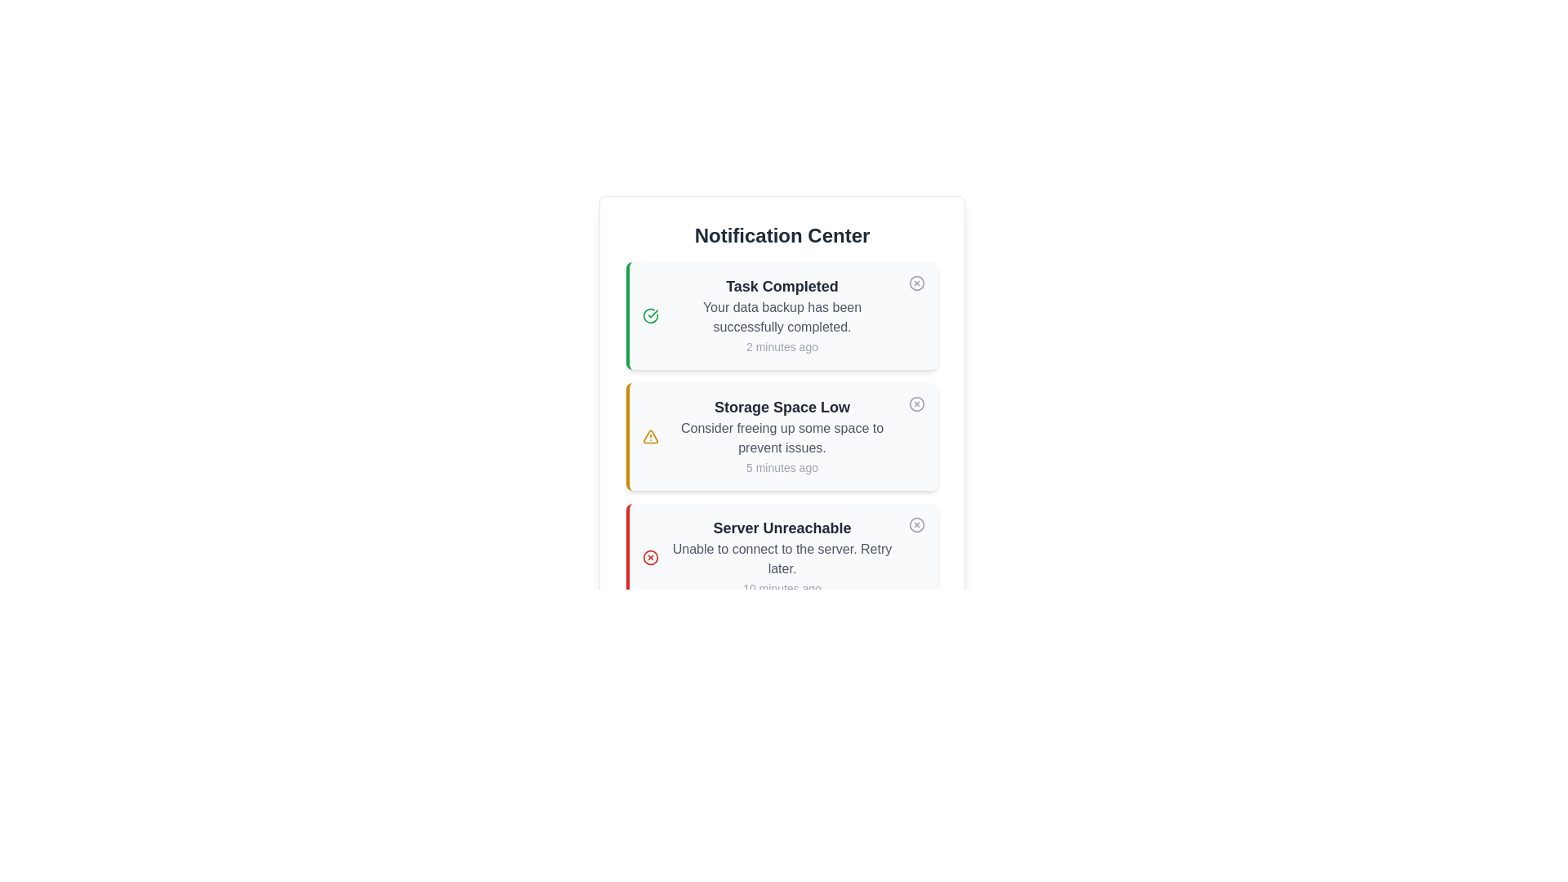 The height and width of the screenshot is (882, 1568). What do you see at coordinates (782, 286) in the screenshot?
I see `the text label that serves as a headline for the notification card, indicating task completion, located at the top of the card` at bounding box center [782, 286].